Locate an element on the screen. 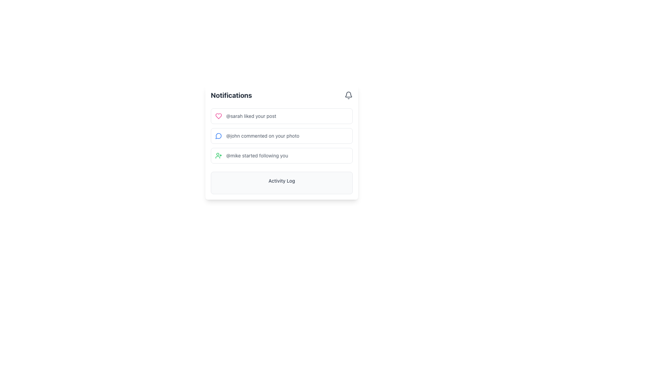 The height and width of the screenshot is (368, 655). the heart icon in the notification section that indicates a 'like' action from another user, specifically for the notification stating '@sarah liked your post' is located at coordinates (219, 116).